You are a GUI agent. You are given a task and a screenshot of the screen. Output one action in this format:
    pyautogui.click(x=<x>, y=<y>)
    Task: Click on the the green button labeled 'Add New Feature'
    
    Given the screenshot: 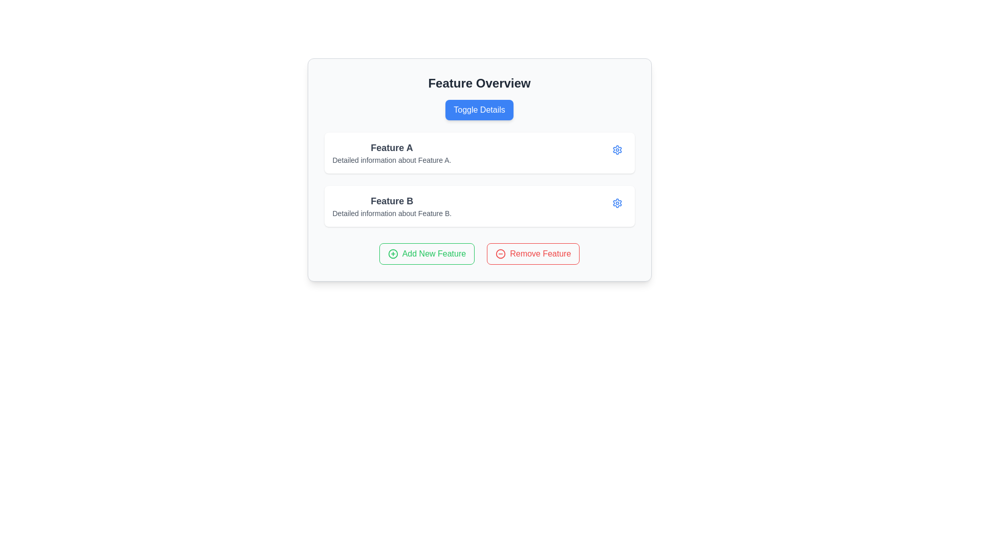 What is the action you would take?
    pyautogui.click(x=426, y=253)
    